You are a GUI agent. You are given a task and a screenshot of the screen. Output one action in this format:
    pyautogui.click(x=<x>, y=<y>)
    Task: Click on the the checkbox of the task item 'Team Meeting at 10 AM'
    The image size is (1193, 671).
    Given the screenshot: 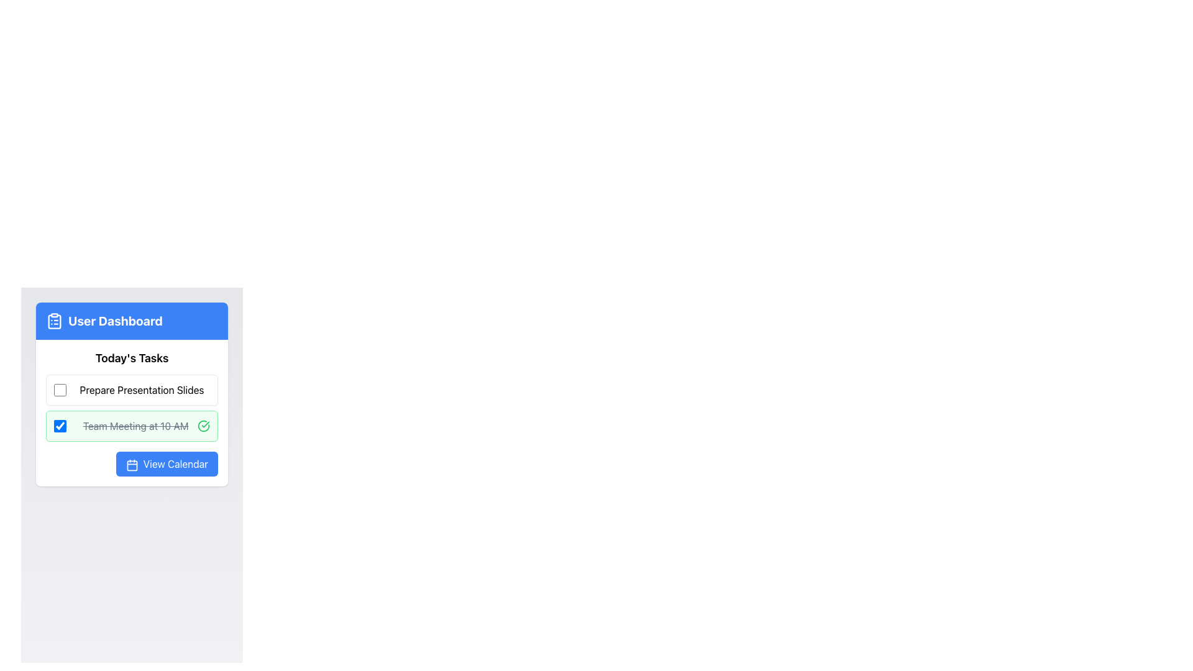 What is the action you would take?
    pyautogui.click(x=132, y=426)
    